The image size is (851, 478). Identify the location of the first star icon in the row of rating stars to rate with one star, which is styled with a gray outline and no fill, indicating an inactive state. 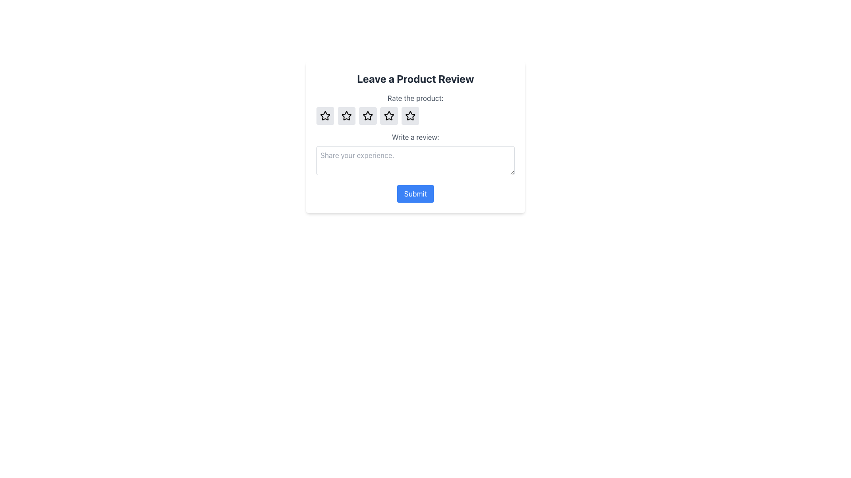
(325, 116).